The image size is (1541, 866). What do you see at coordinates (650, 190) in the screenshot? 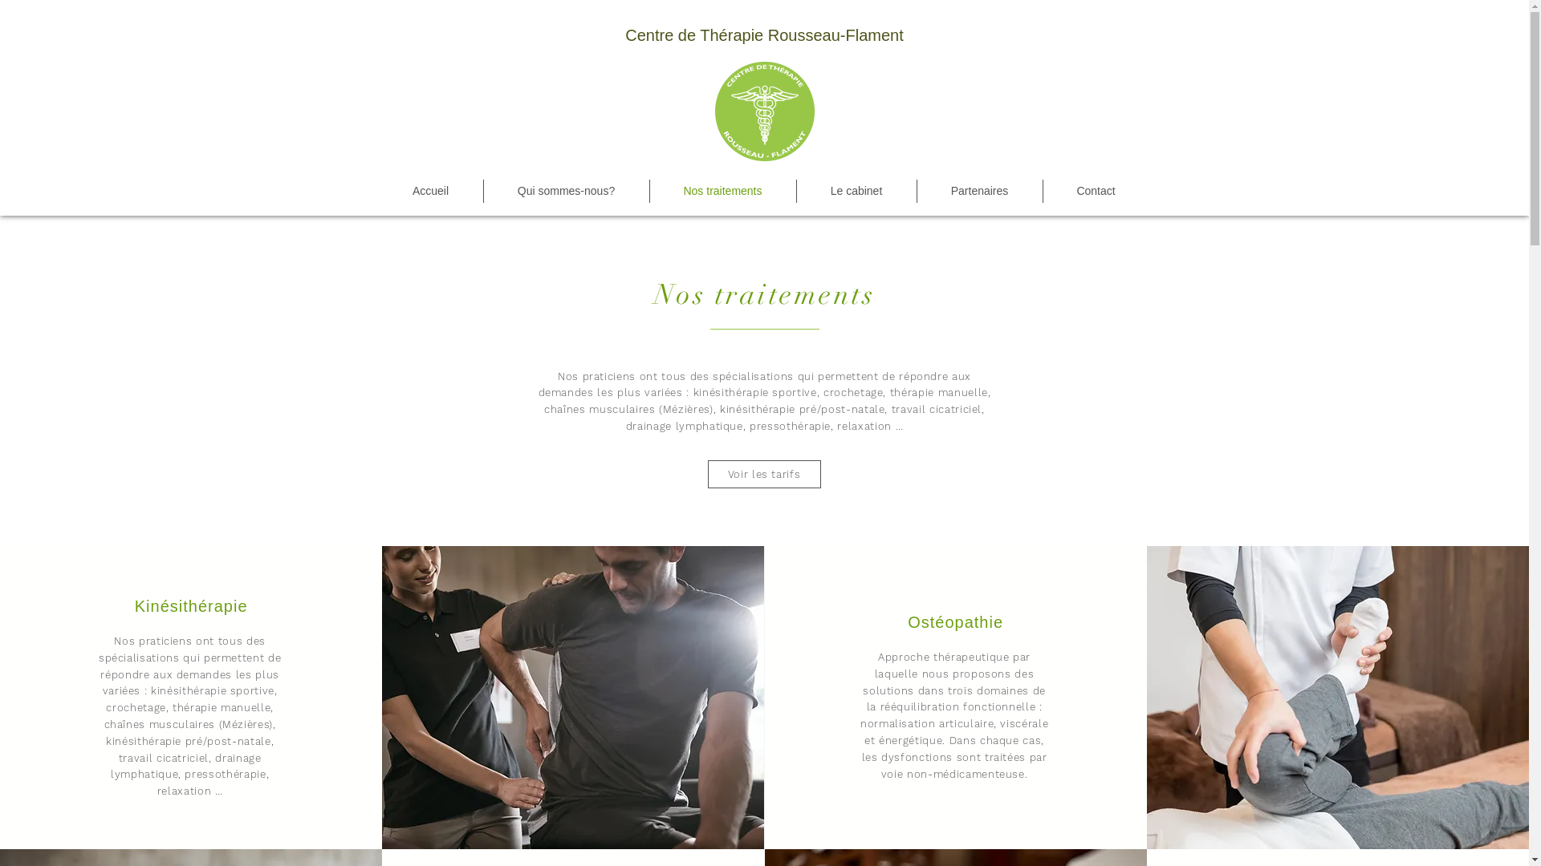
I see `'Nos traitements'` at bounding box center [650, 190].